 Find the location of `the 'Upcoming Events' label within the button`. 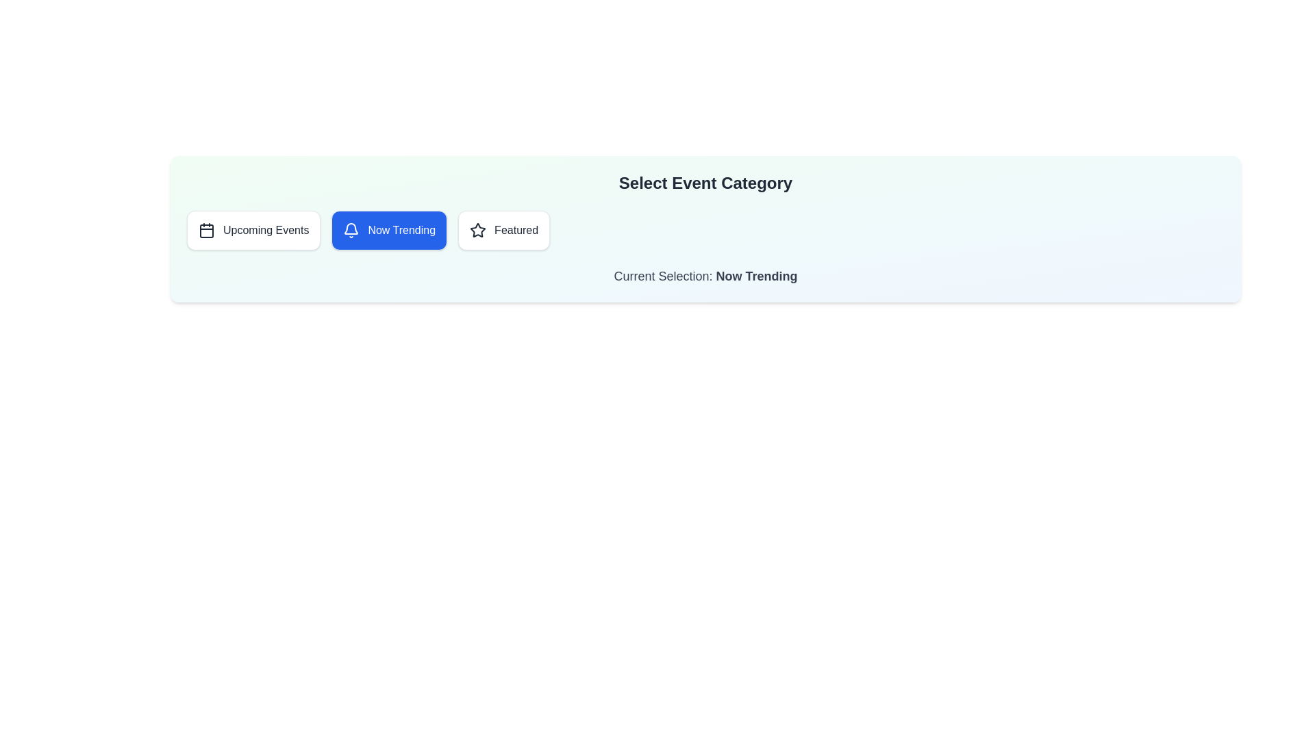

the 'Upcoming Events' label within the button is located at coordinates (266, 229).